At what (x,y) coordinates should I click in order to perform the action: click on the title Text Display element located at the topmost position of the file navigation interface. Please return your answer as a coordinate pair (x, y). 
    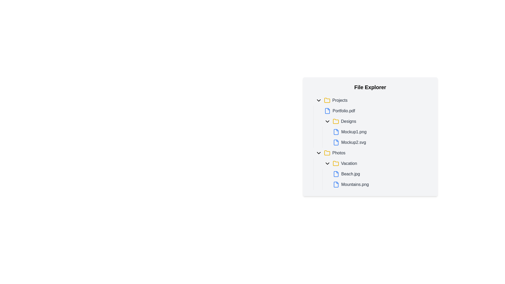
    Looking at the image, I should click on (370, 87).